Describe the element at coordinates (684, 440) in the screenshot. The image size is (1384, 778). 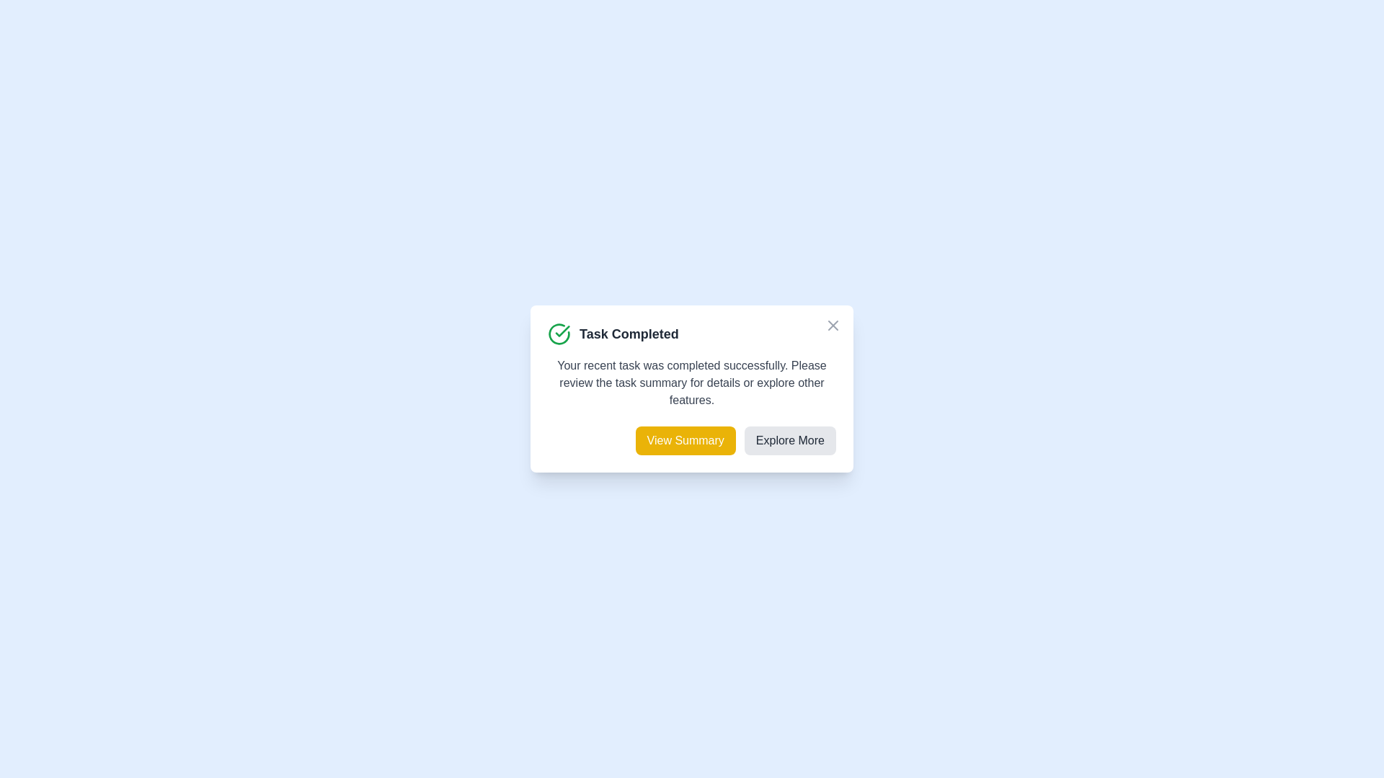
I see `'View Summary' button to review the task summary` at that location.